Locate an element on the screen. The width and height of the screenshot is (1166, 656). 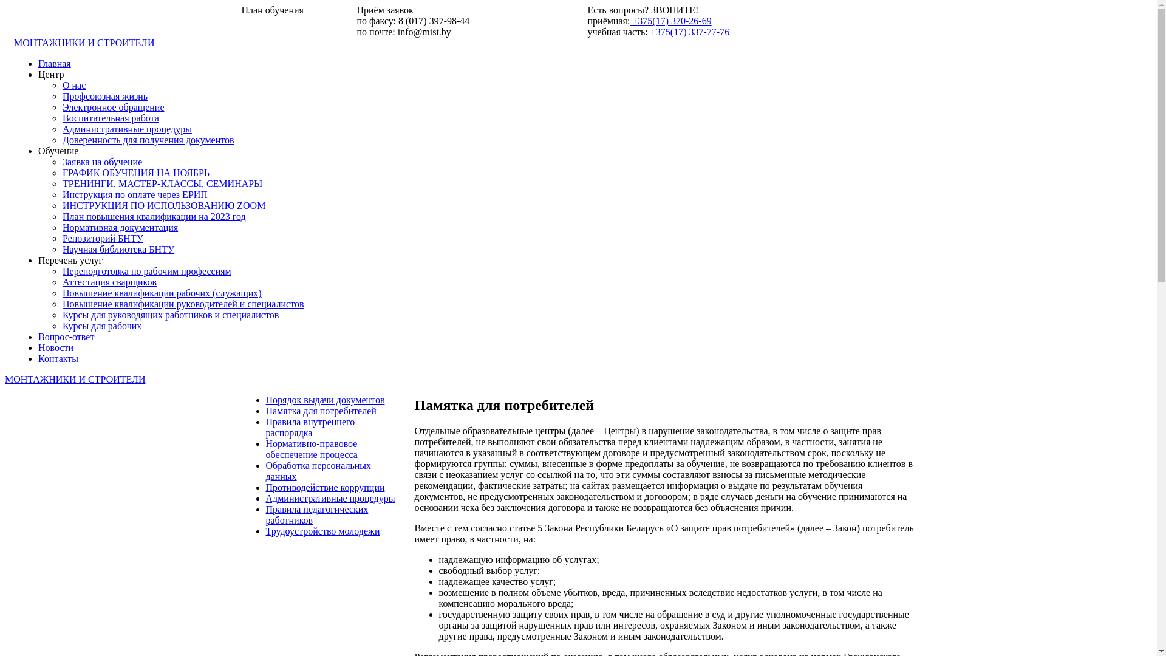
'+375(17) 370-26-69' is located at coordinates (629, 21).